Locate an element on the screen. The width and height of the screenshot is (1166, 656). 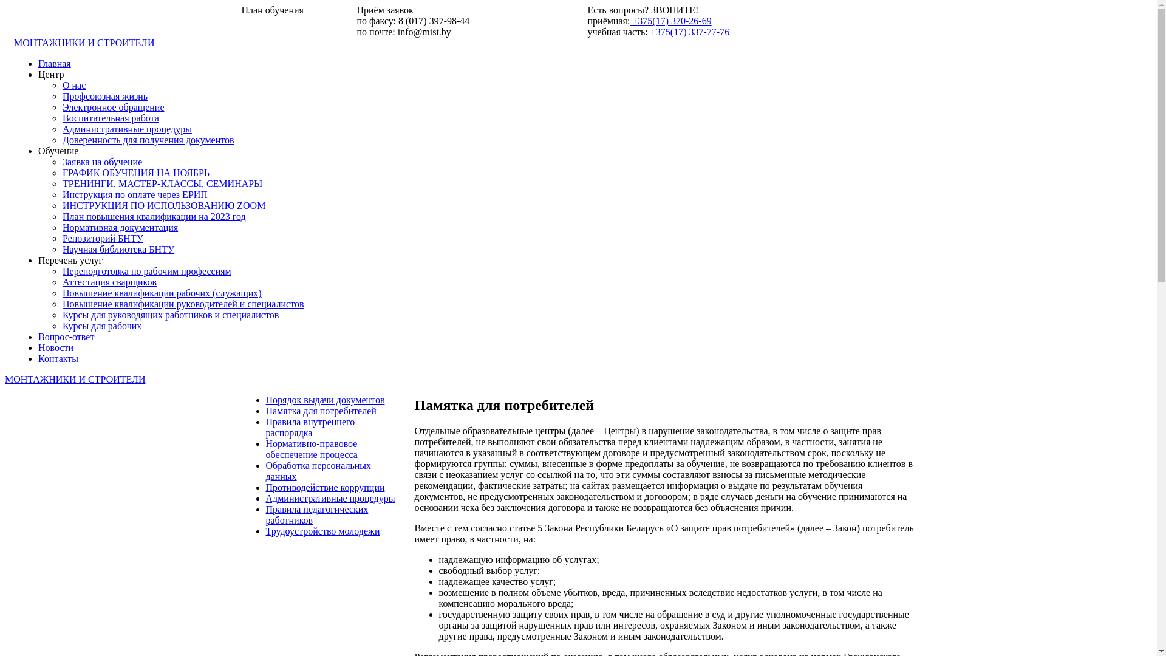
'+375(17) 370-26-69' is located at coordinates (629, 21).